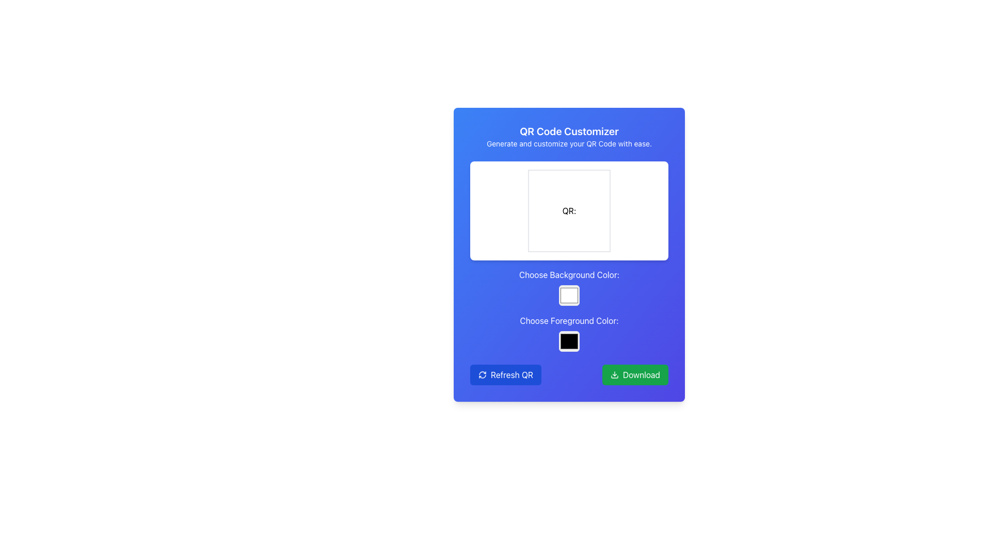 The image size is (991, 557). Describe the element at coordinates (569, 374) in the screenshot. I see `the Button Group located at the bottom of the interface` at that location.